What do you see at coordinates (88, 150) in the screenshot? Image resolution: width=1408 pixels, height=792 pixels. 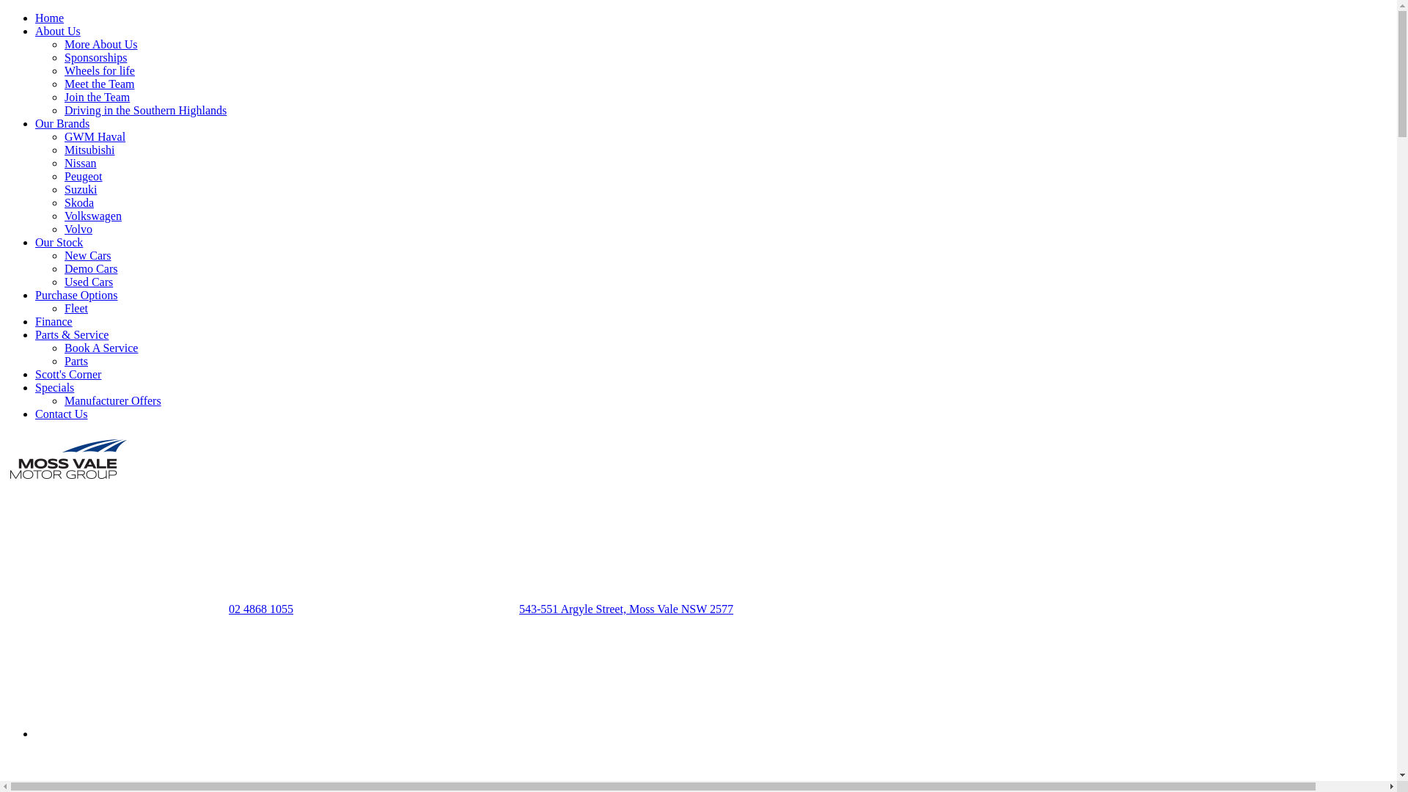 I see `'Mitsubishi'` at bounding box center [88, 150].